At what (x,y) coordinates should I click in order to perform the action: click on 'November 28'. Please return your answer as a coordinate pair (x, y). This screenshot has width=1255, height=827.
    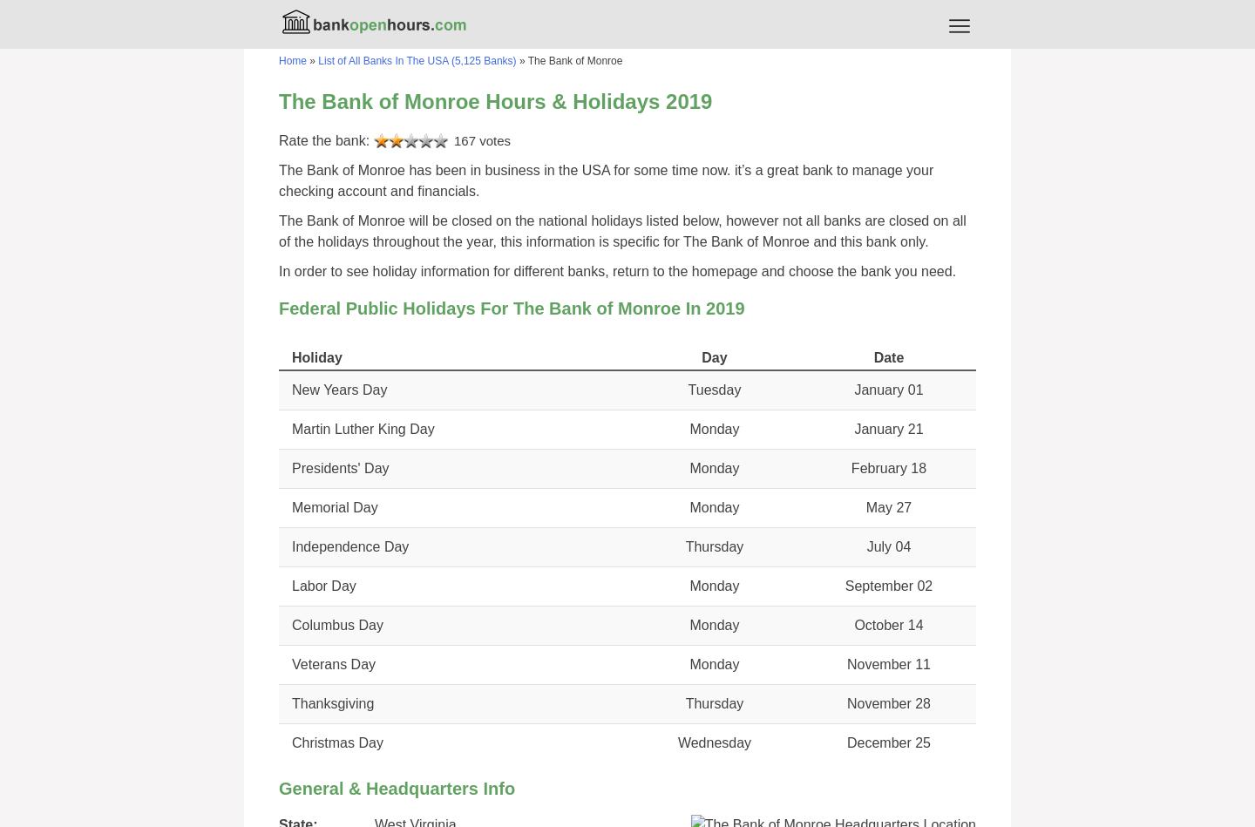
    Looking at the image, I should click on (887, 702).